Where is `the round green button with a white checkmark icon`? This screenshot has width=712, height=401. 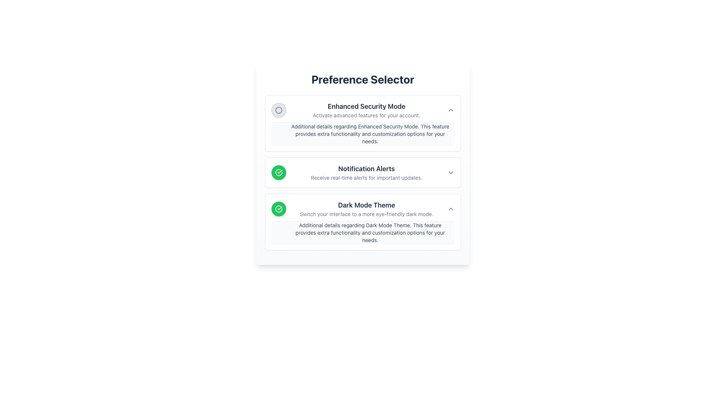
the round green button with a white checkmark icon is located at coordinates (278, 173).